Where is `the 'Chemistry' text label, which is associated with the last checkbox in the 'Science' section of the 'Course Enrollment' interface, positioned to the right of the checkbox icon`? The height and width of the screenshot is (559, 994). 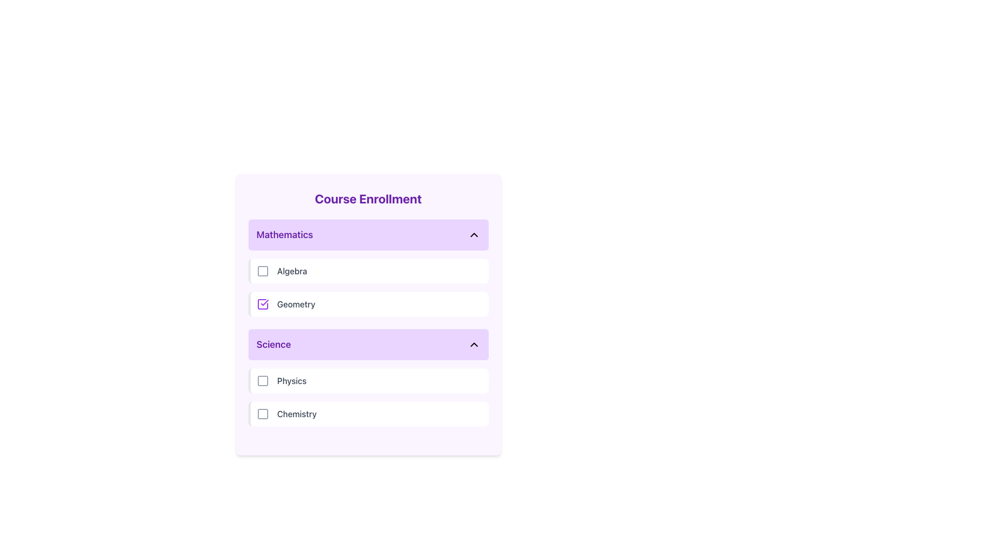 the 'Chemistry' text label, which is associated with the last checkbox in the 'Science' section of the 'Course Enrollment' interface, positioned to the right of the checkbox icon is located at coordinates (296, 413).